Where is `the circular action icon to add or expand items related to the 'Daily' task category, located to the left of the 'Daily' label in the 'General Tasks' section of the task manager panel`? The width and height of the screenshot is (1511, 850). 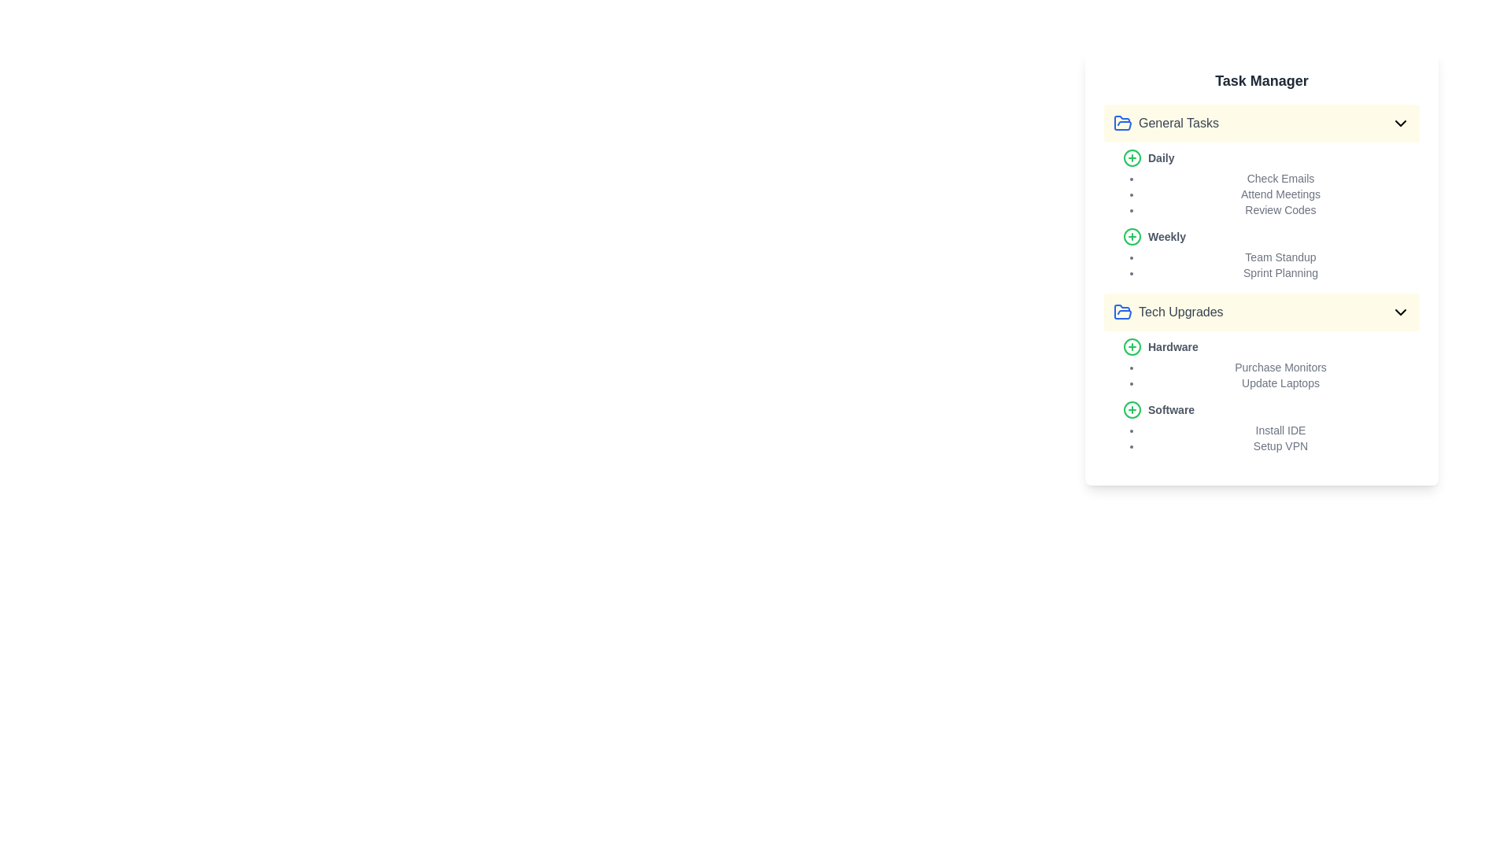
the circular action icon to add or expand items related to the 'Daily' task category, located to the left of the 'Daily' label in the 'General Tasks' section of the task manager panel is located at coordinates (1132, 346).